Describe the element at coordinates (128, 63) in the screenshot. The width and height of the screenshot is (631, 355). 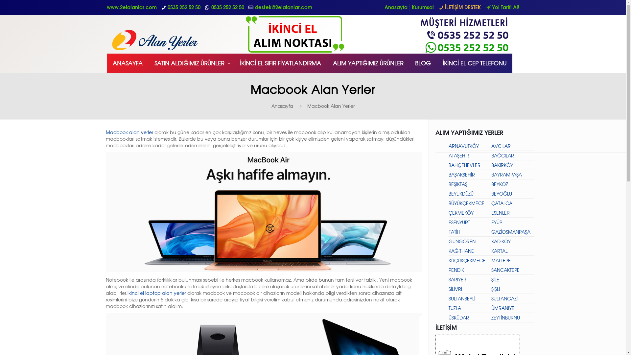
I see `'ANASAYFA'` at that location.